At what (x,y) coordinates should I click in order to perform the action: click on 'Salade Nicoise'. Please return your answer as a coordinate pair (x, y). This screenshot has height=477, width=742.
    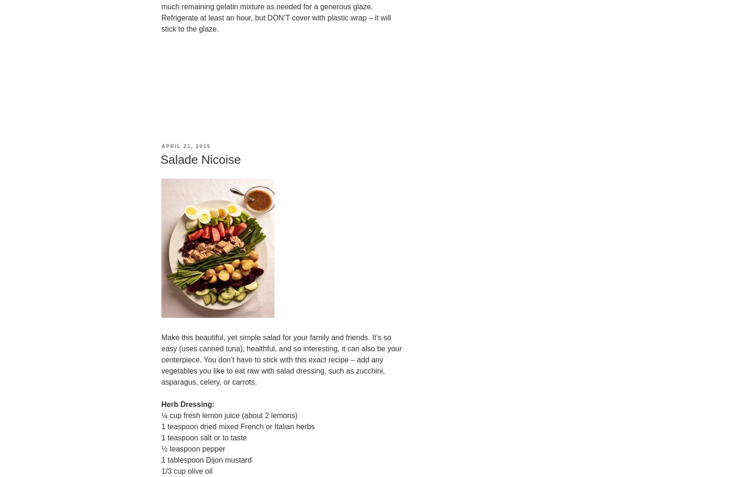
    Looking at the image, I should click on (200, 159).